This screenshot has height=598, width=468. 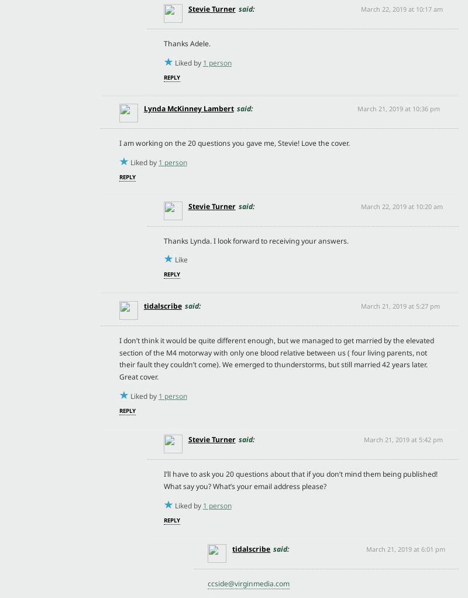 What do you see at coordinates (188, 108) in the screenshot?
I see `'Lynda McKinney Lambert'` at bounding box center [188, 108].